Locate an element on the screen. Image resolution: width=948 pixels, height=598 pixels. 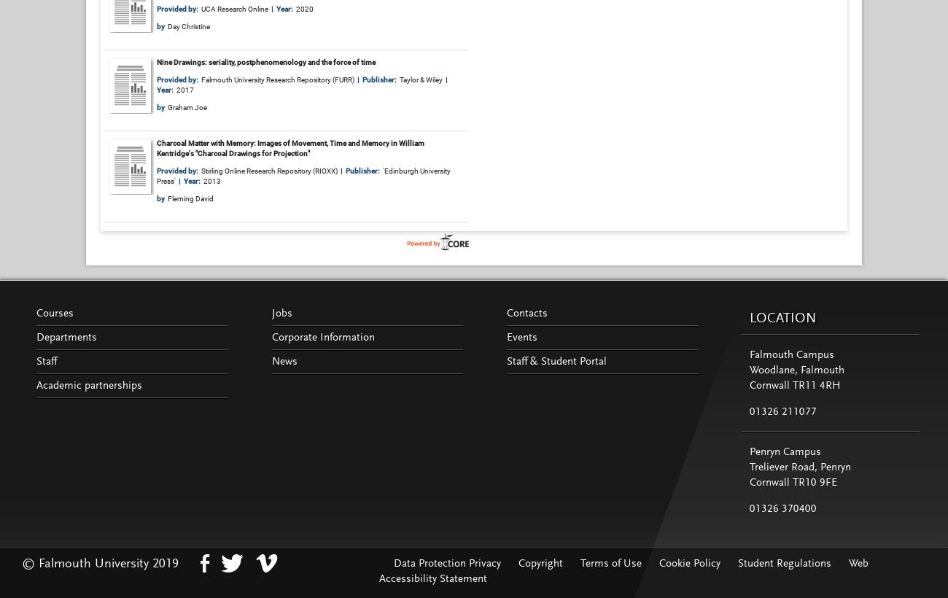
'Staff' is located at coordinates (46, 361).